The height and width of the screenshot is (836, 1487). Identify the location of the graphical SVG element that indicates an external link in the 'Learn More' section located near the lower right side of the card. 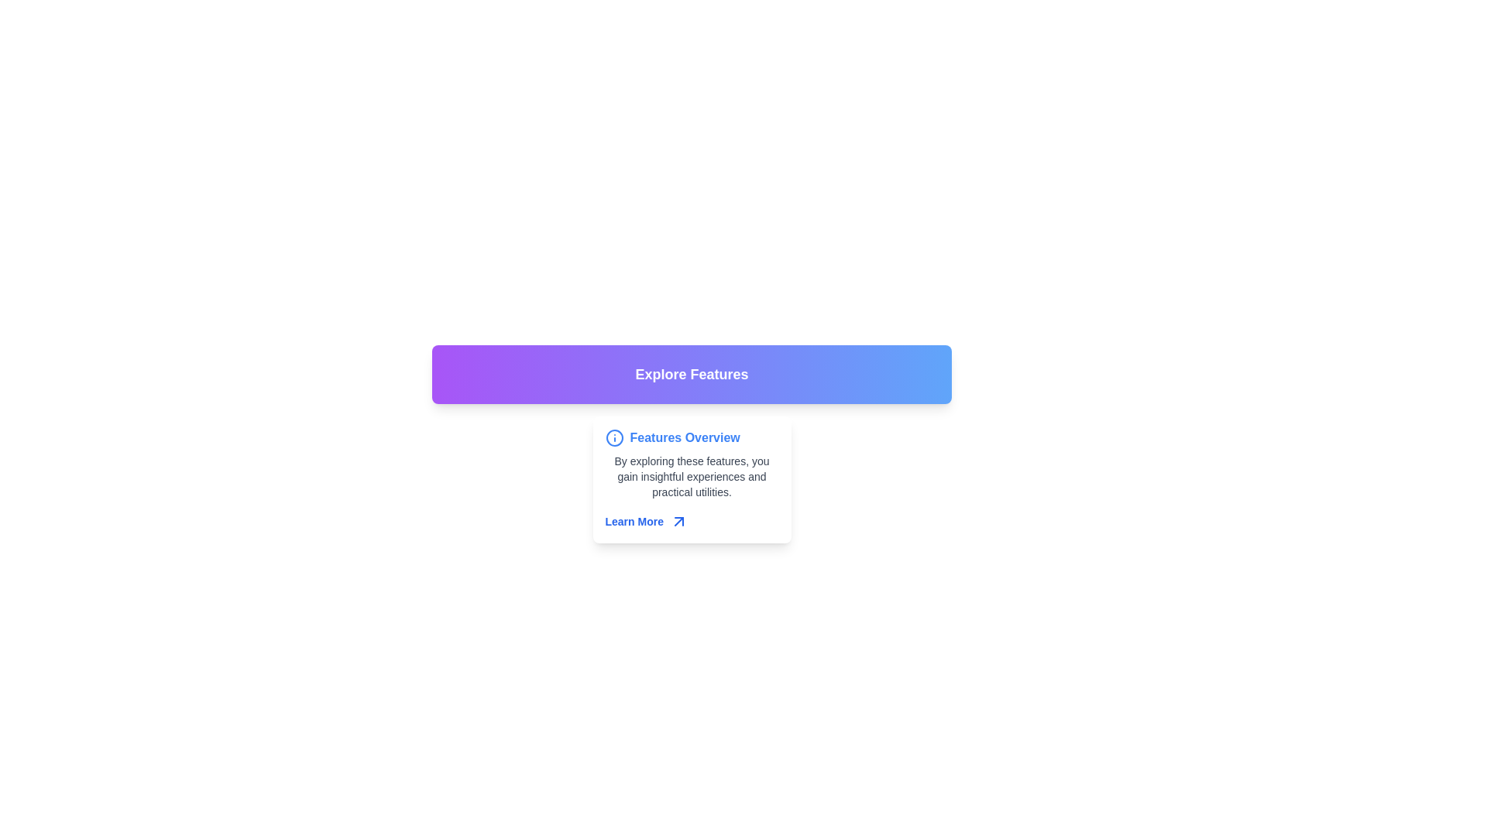
(679, 522).